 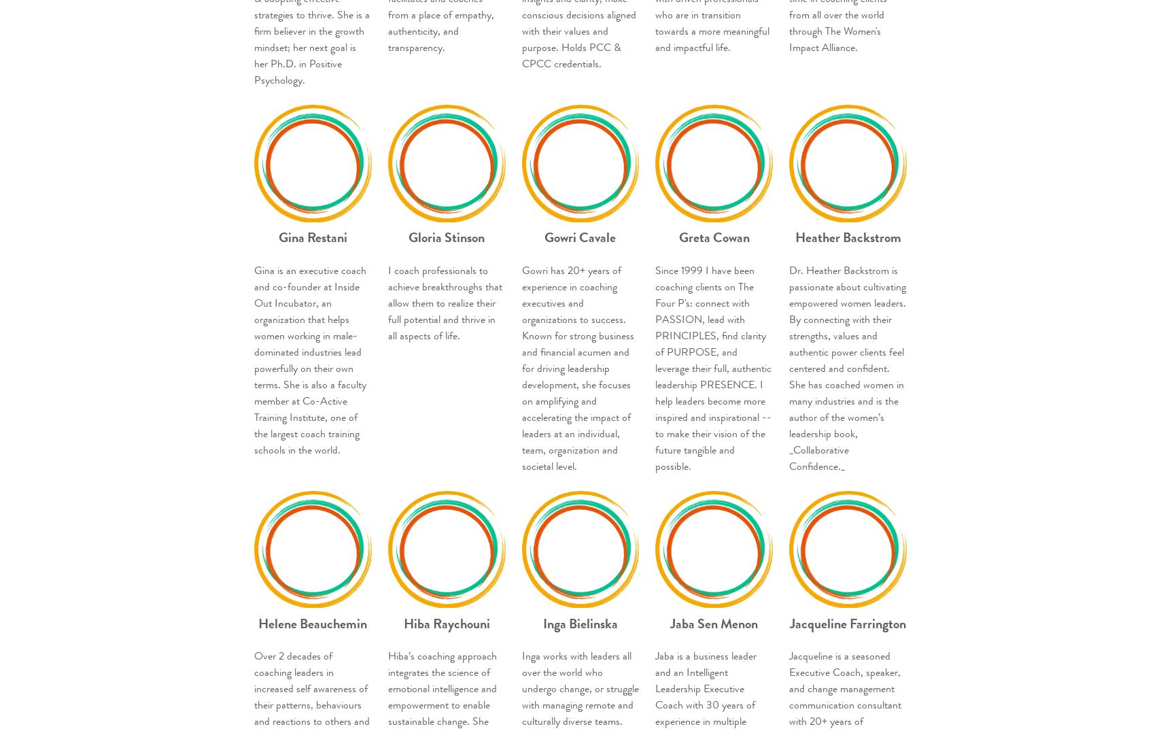 What do you see at coordinates (848, 367) in the screenshot?
I see `'Dr. Heather Backstrom is passionate about cultivating empowered women leaders. By connecting with their strengths, values and authentic power clients feel centered and confident. She has coached women in many industries and is the author of the women’s leadership book, _Collaborative Confidence._'` at bounding box center [848, 367].